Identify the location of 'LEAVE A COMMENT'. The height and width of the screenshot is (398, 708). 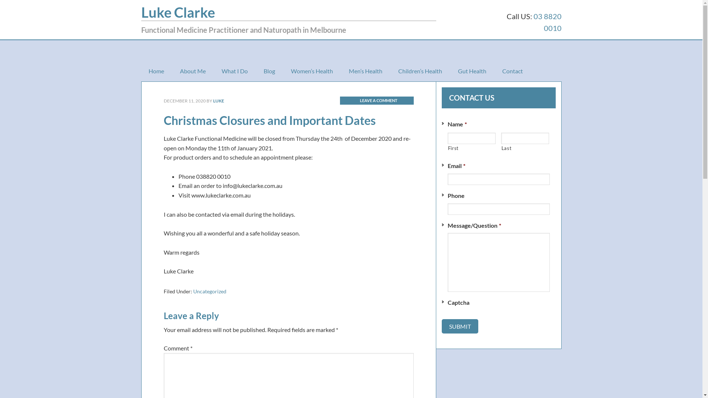
(377, 100).